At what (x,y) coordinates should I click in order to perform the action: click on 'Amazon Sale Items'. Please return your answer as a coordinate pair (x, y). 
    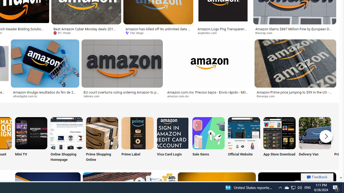
    Looking at the image, I should click on (208, 133).